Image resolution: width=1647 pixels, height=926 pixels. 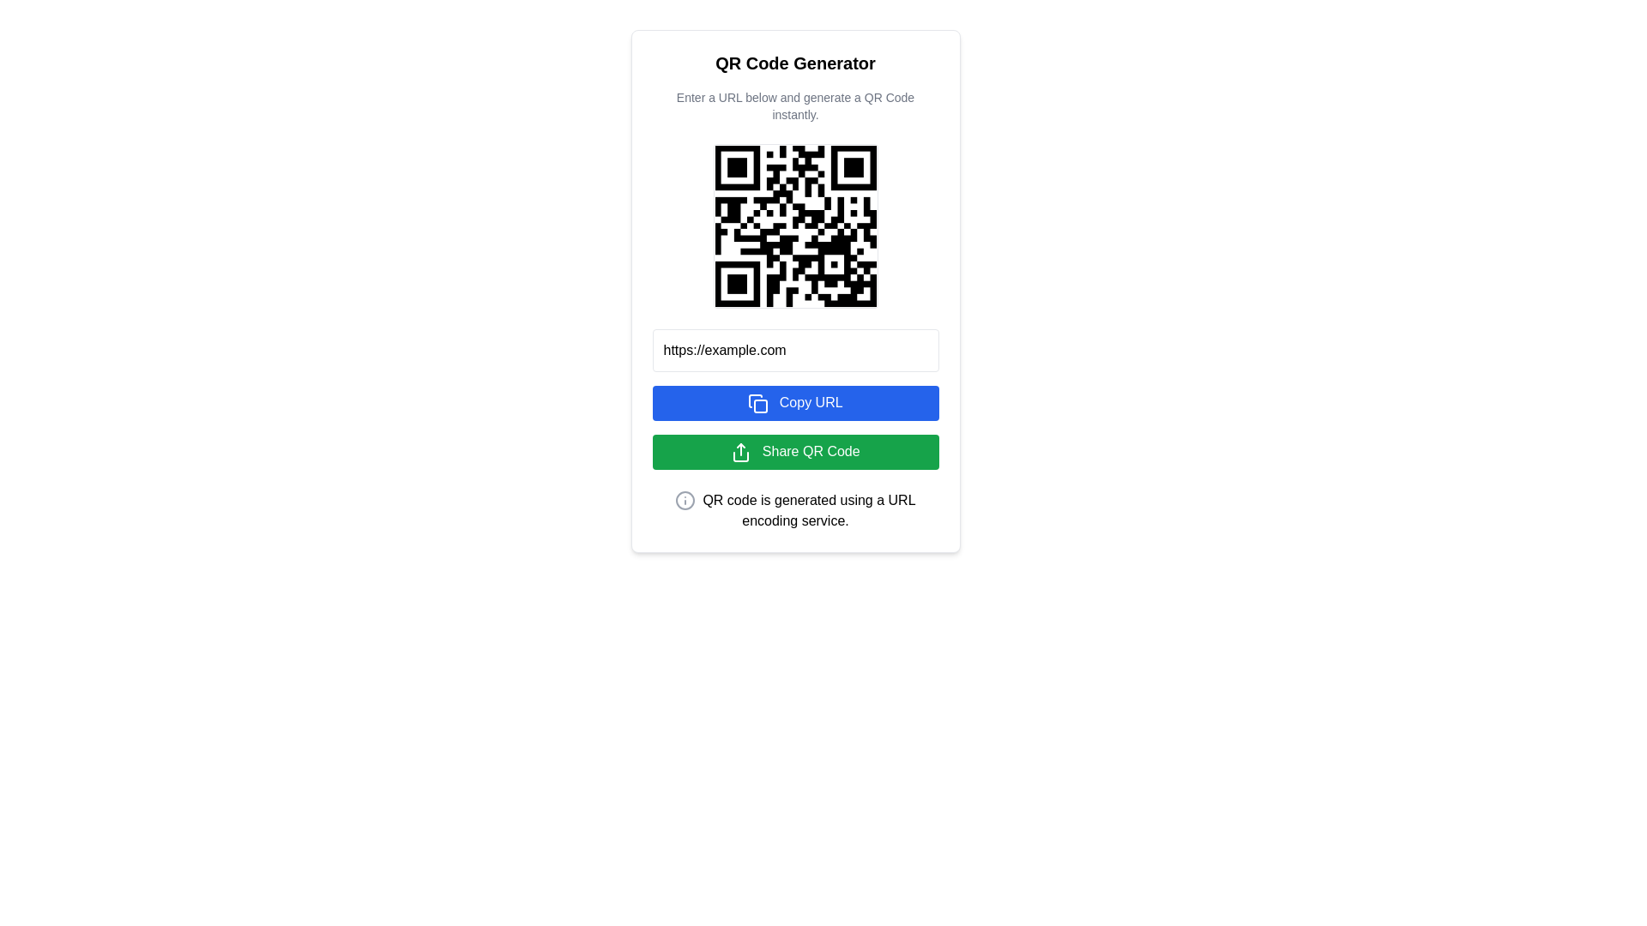 What do you see at coordinates (685, 501) in the screenshot?
I see `the central circular part of the information icon, which is a graphical SVG element located slightly below and to the left of the QR code display section` at bounding box center [685, 501].